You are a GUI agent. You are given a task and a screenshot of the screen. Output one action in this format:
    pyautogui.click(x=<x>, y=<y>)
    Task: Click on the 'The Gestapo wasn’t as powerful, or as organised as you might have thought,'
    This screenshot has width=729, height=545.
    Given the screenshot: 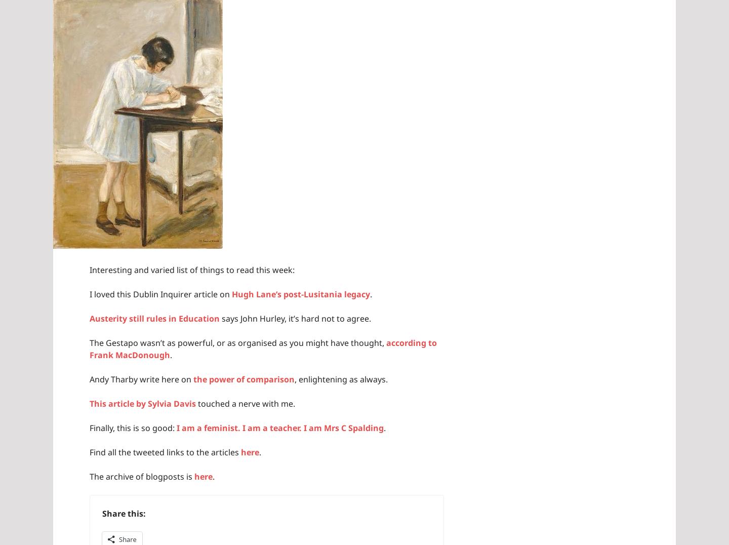 What is the action you would take?
    pyautogui.click(x=238, y=342)
    